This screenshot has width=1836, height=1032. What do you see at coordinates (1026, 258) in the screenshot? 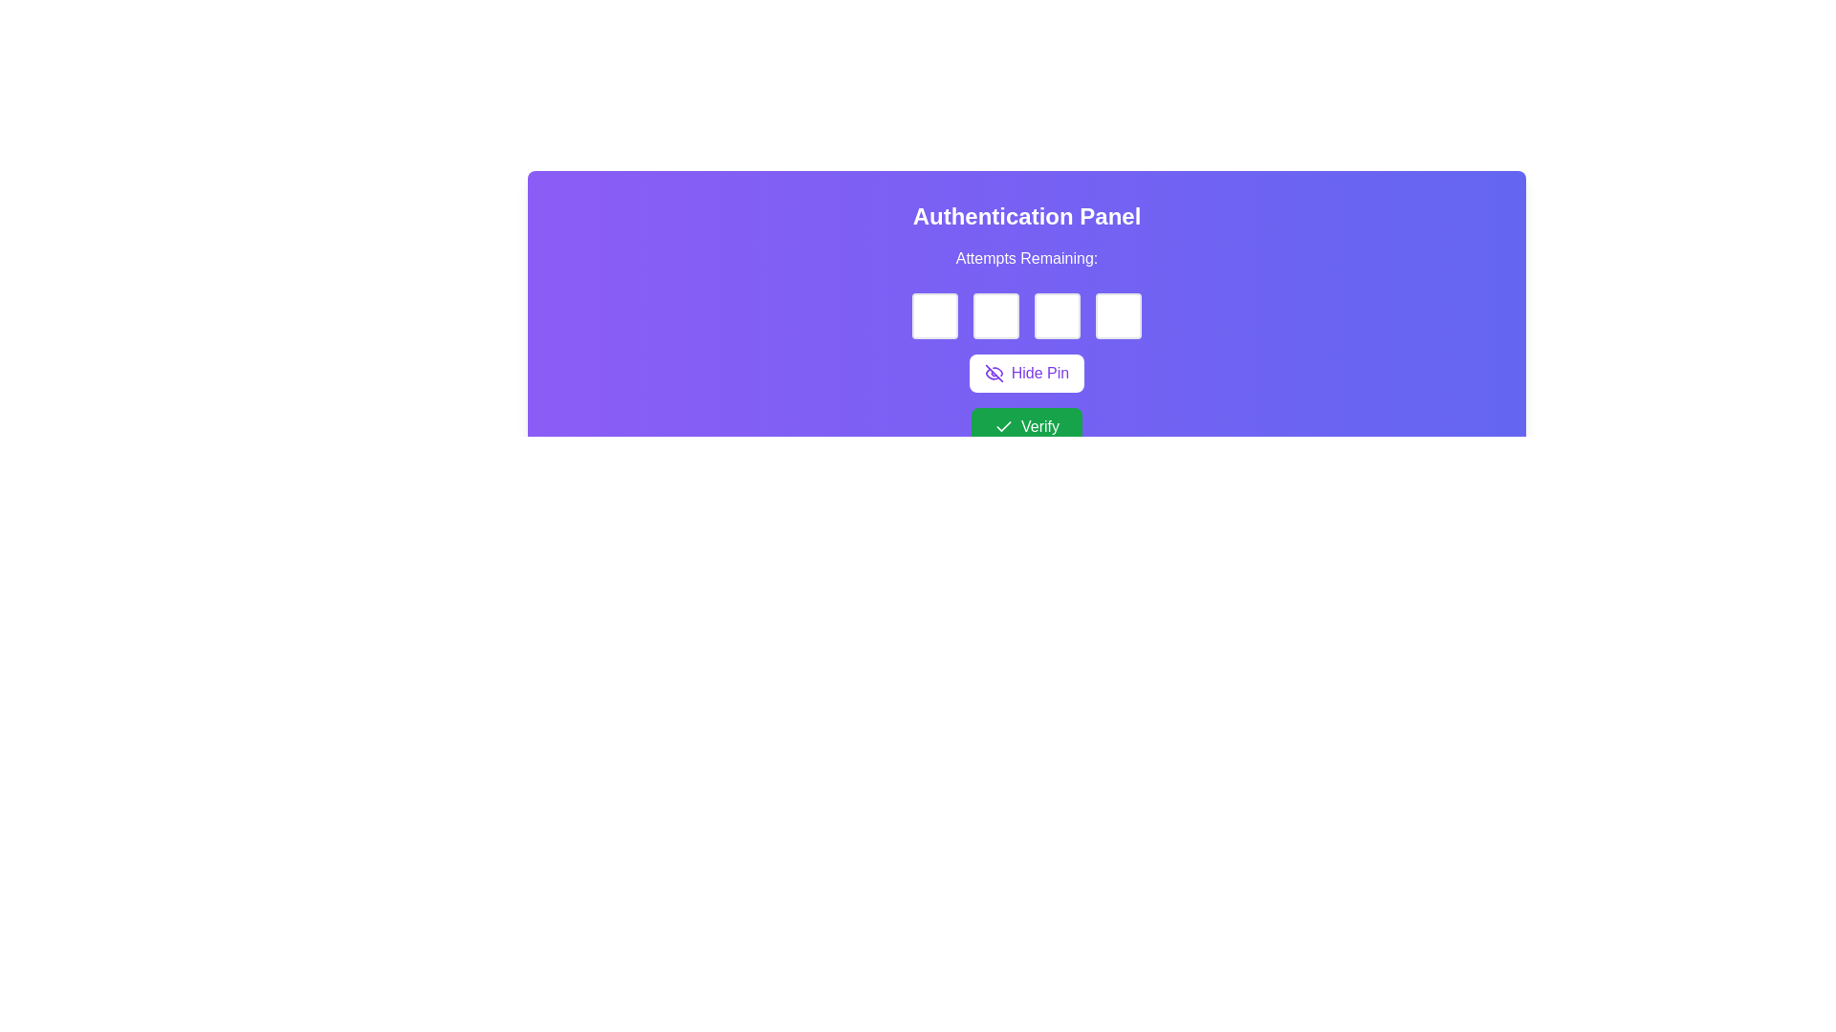
I see `the text label 'Attempts Remaining:' which is styled with white text on a purple gradient background and positioned beneath the 'Authentication Panel' heading` at bounding box center [1026, 258].